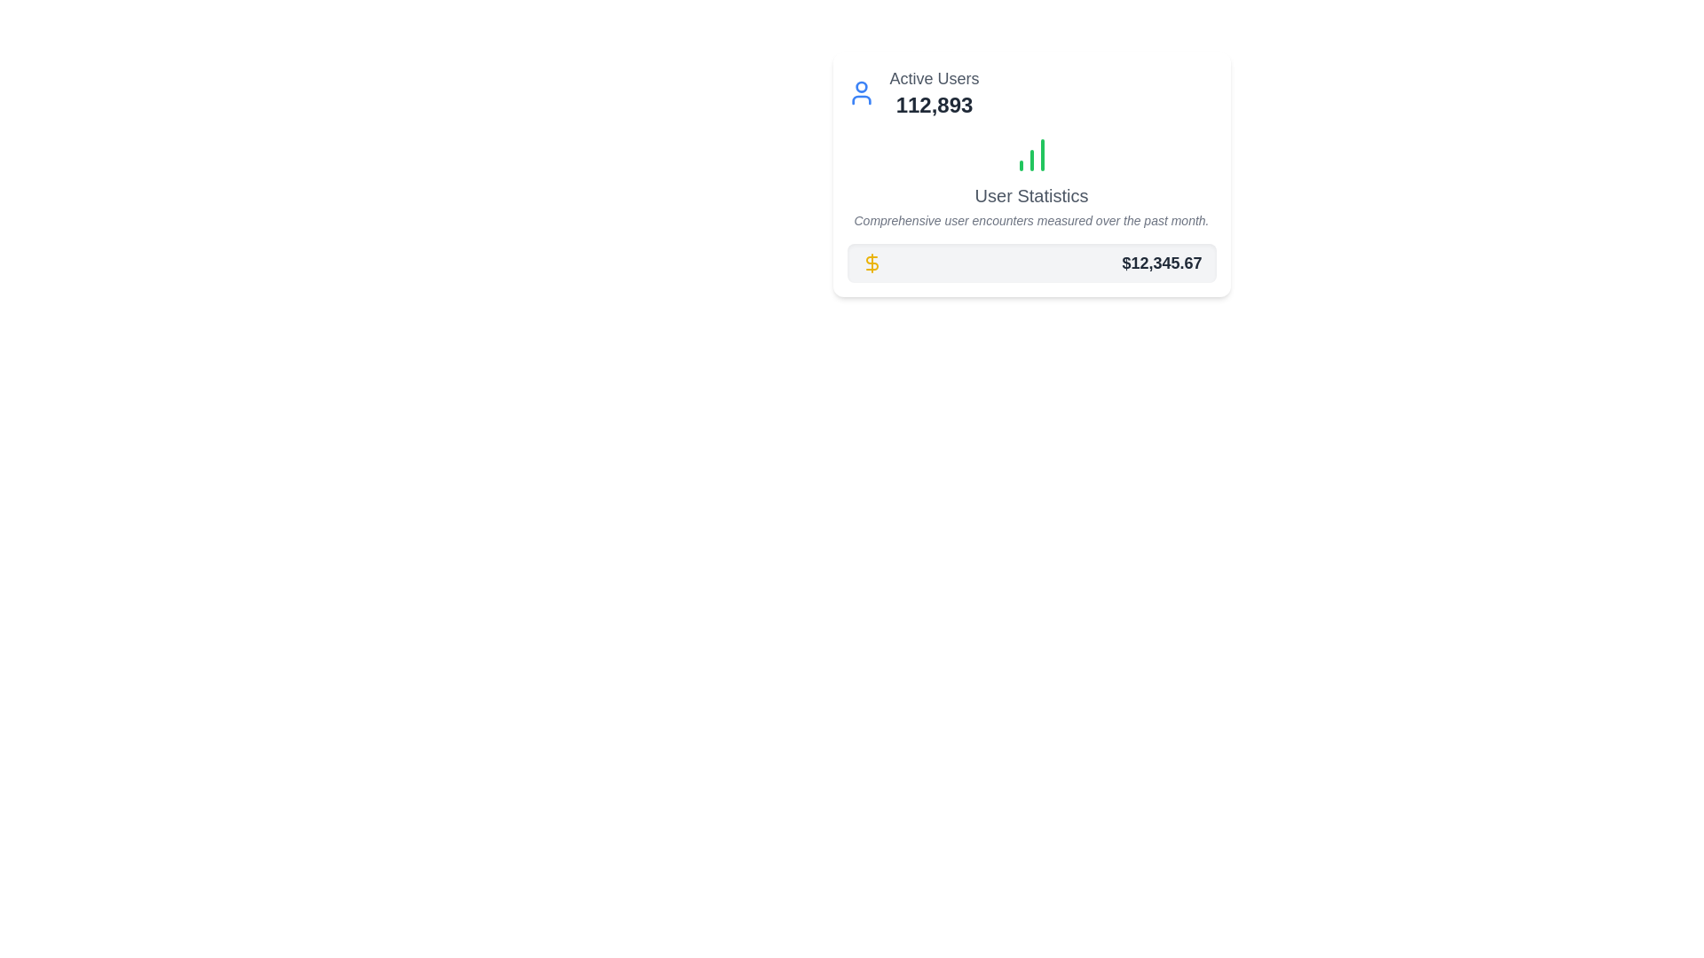 This screenshot has width=1704, height=958. Describe the element at coordinates (1031, 220) in the screenshot. I see `informational text label that contains 'Comprehensive user encounters measured over the past month.' positioned below the 'User Statistics' title` at that location.